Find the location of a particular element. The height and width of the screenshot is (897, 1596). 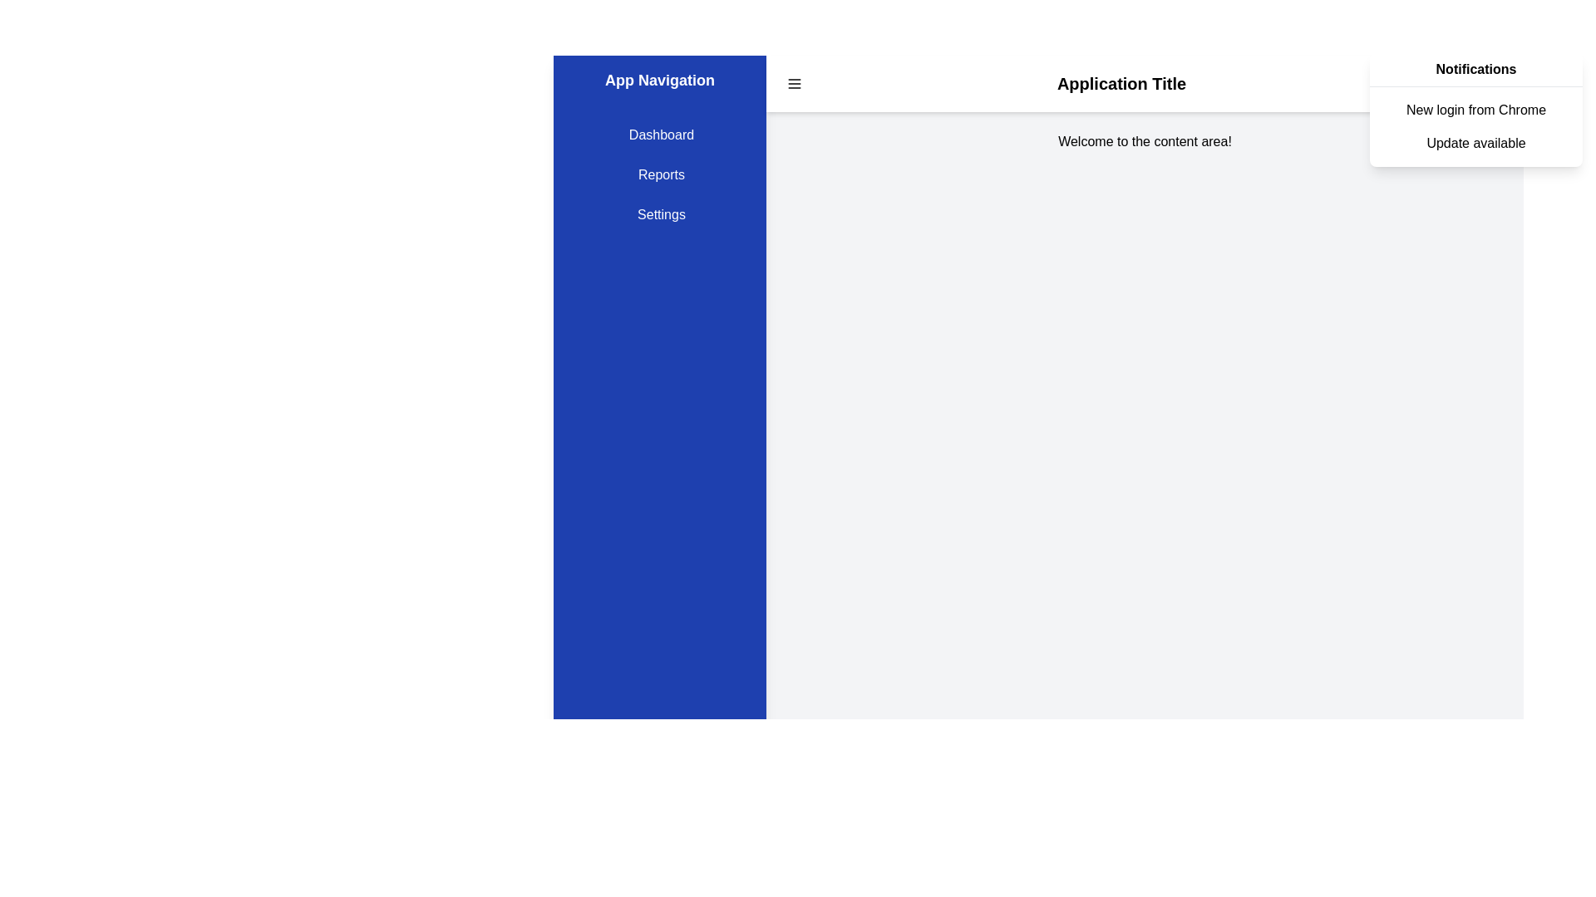

the application name is located at coordinates (1144, 83).